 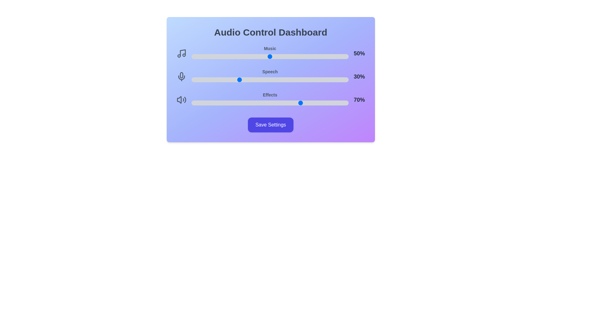 I want to click on the music volume slider to 69%, so click(x=300, y=56).